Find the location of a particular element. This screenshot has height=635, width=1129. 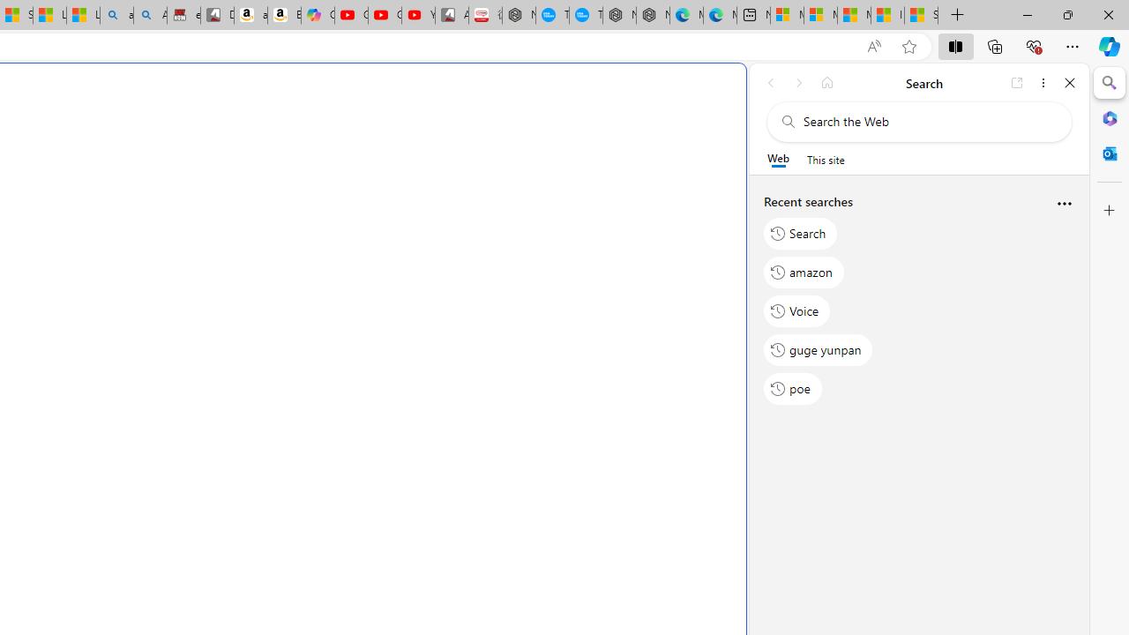

'Amazon Echo Dot PNG - Search Images' is located at coordinates (150, 15).